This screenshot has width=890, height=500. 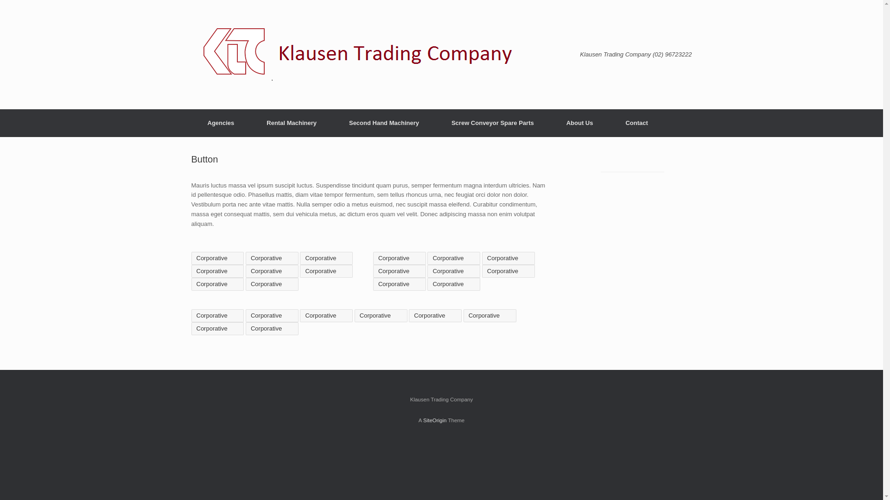 What do you see at coordinates (636, 123) in the screenshot?
I see `'Contact'` at bounding box center [636, 123].